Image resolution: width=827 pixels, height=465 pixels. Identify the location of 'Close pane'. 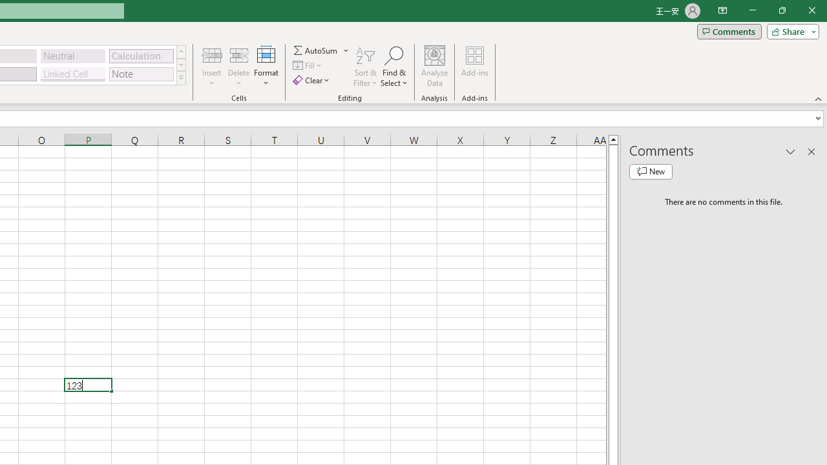
(811, 151).